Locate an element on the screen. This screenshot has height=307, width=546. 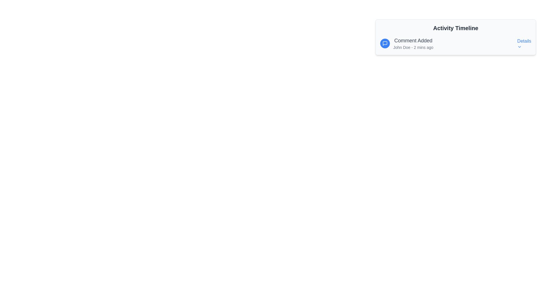
the text displaying the user's name 'John Doe' and the timestamp '2 mins ago', located beneath the 'Comment Added' text within the activity timeline card is located at coordinates (413, 47).